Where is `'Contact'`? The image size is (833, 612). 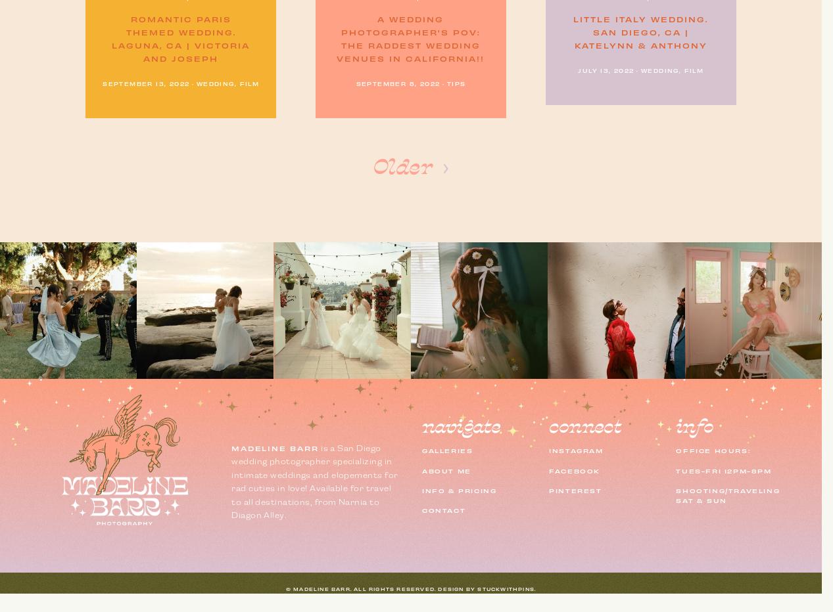
'Contact' is located at coordinates (444, 509).